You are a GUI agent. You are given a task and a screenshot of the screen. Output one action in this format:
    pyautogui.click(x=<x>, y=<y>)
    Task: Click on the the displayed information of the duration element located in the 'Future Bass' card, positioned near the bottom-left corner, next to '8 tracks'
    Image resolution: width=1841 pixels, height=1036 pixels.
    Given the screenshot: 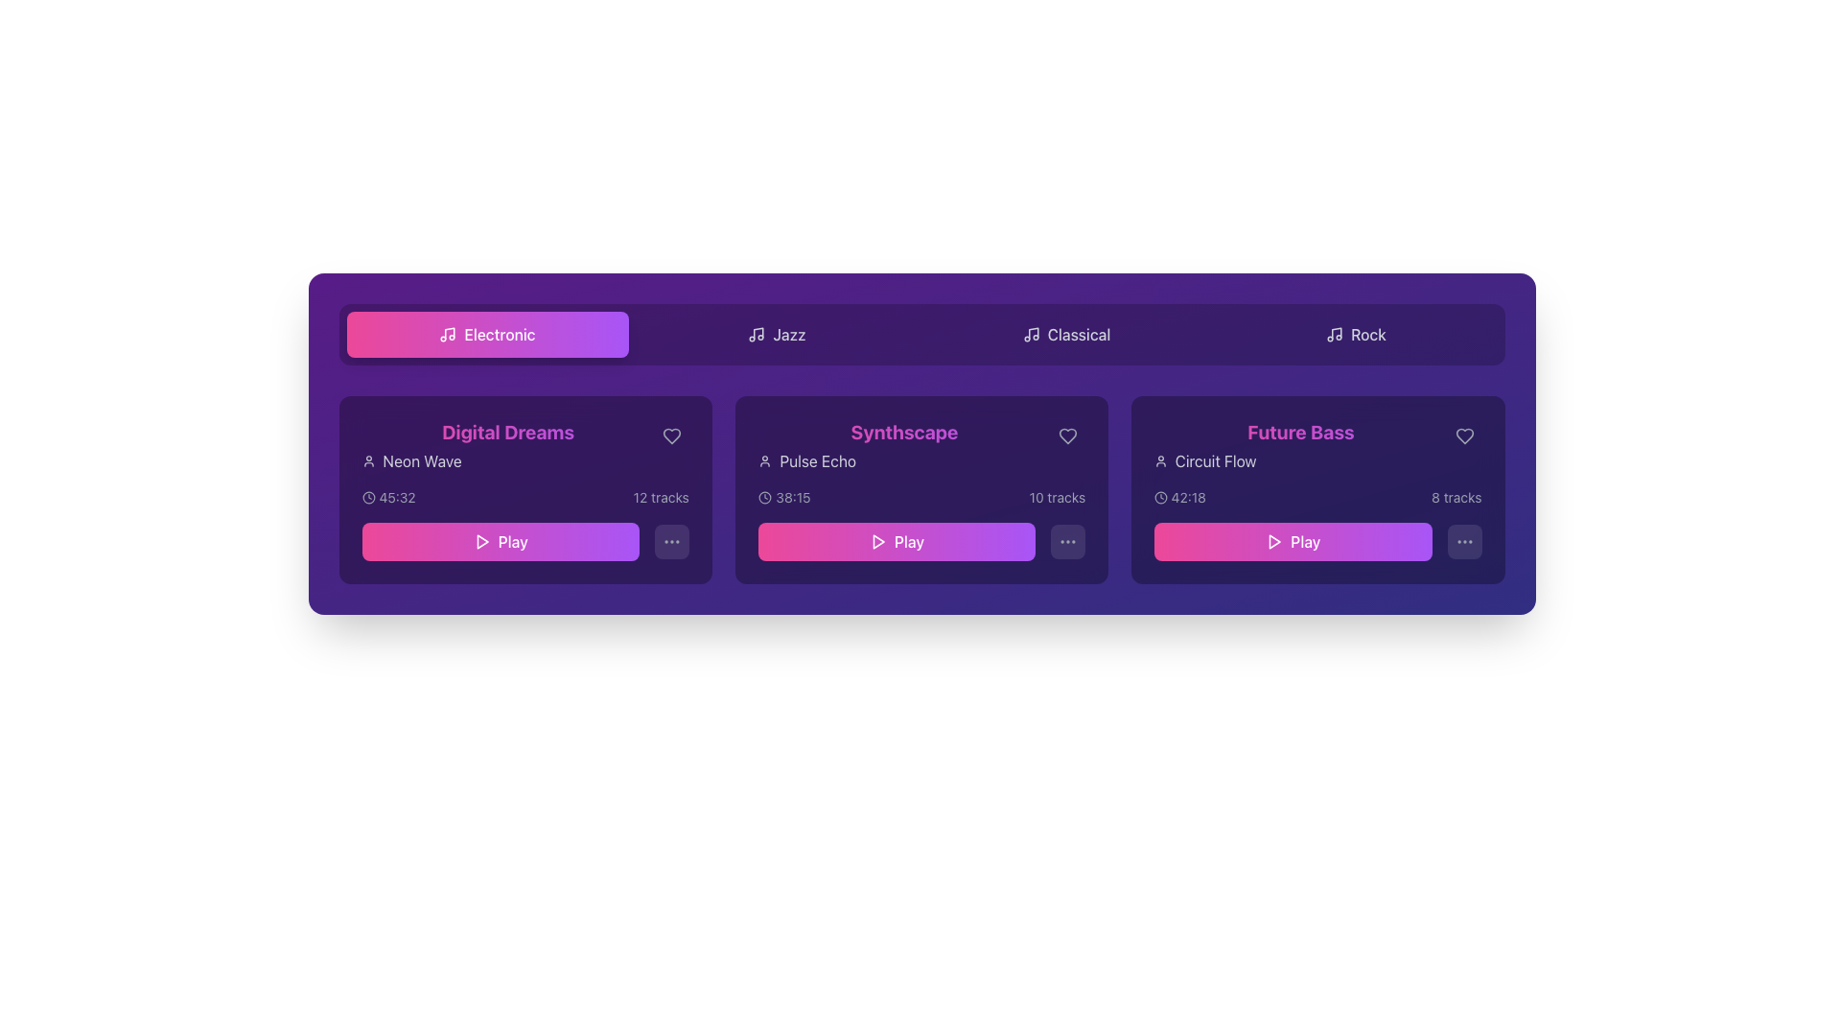 What is the action you would take?
    pyautogui.click(x=1179, y=497)
    